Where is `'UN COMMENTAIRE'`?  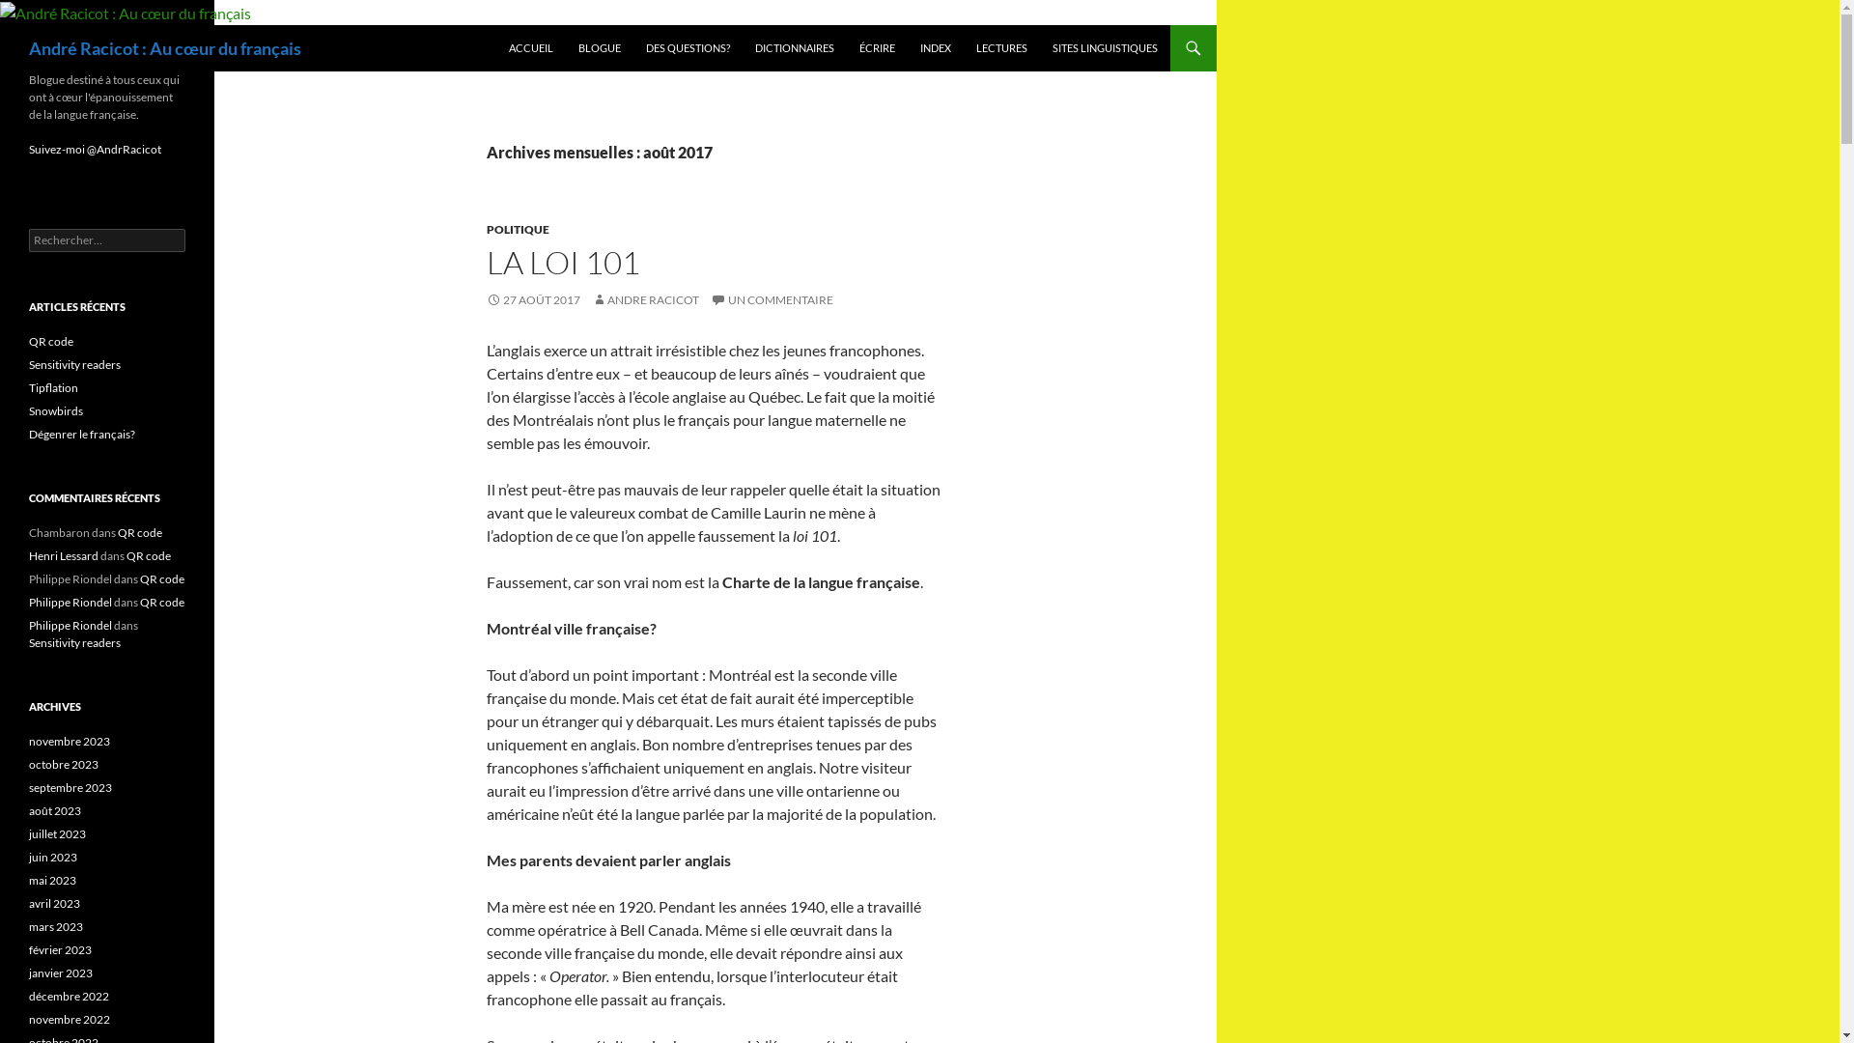
'UN COMMENTAIRE' is located at coordinates (771, 299).